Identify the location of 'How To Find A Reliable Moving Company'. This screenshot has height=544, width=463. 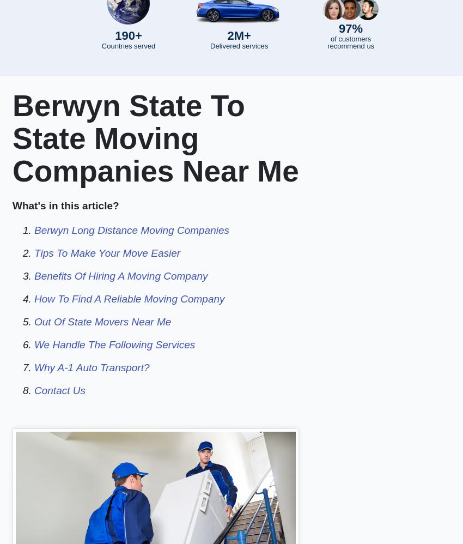
(34, 299).